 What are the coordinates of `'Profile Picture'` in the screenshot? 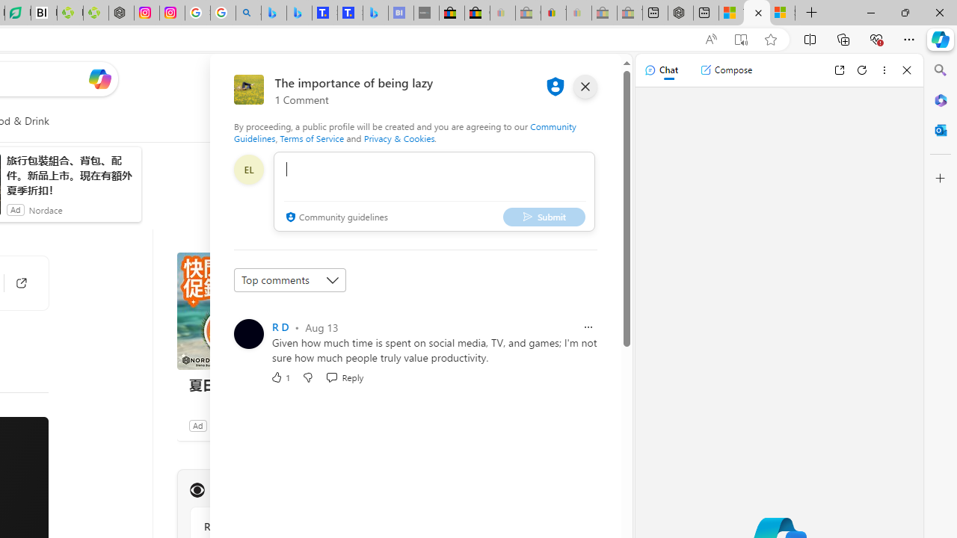 It's located at (249, 333).